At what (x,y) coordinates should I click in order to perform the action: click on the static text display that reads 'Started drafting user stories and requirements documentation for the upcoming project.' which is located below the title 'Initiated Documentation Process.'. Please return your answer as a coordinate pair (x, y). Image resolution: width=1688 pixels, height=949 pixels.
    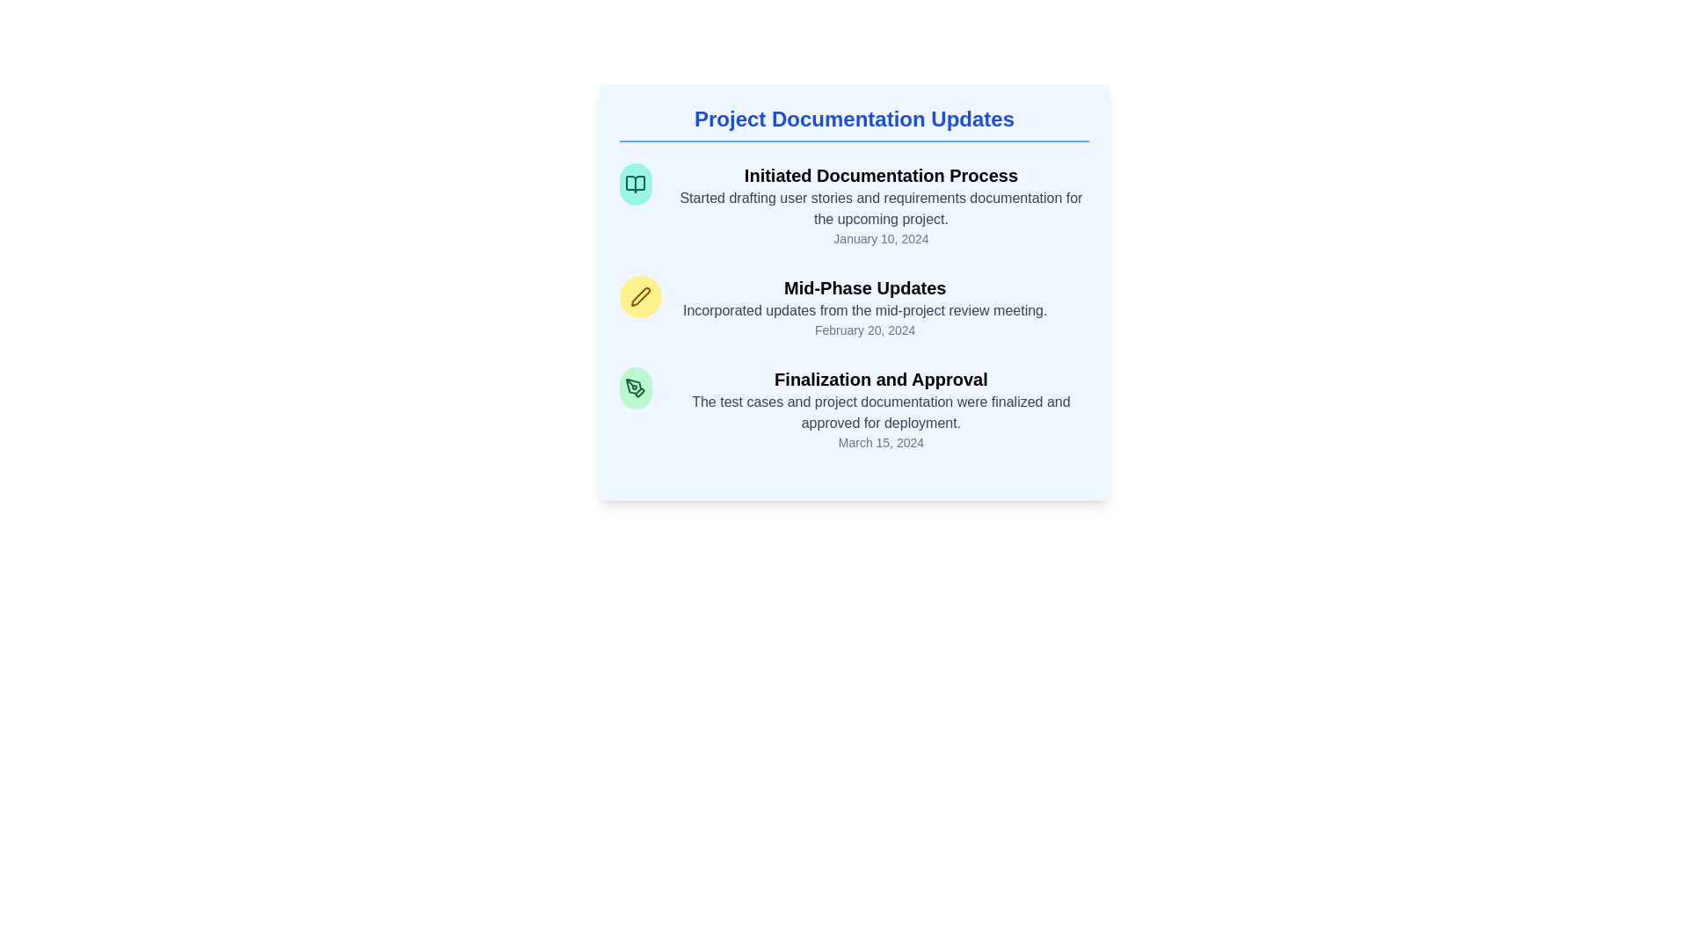
    Looking at the image, I should click on (881, 208).